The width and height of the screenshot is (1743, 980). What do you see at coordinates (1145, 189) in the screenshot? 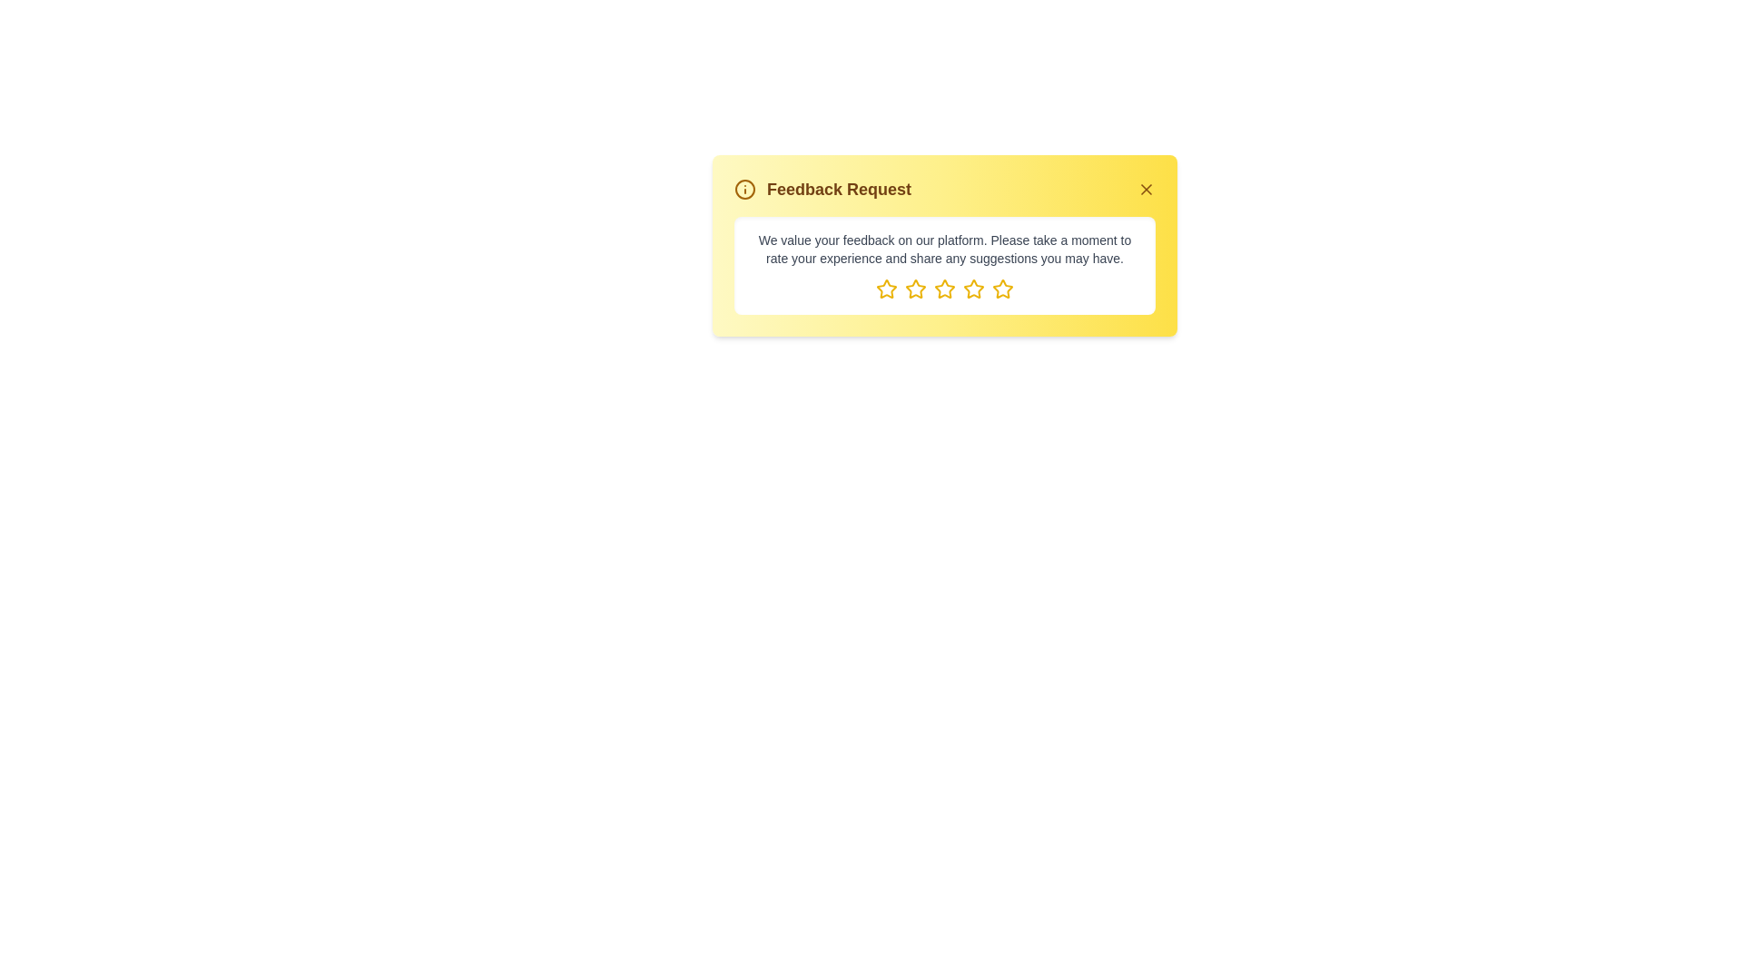
I see `the element close_button to observe its hover effect` at bounding box center [1145, 189].